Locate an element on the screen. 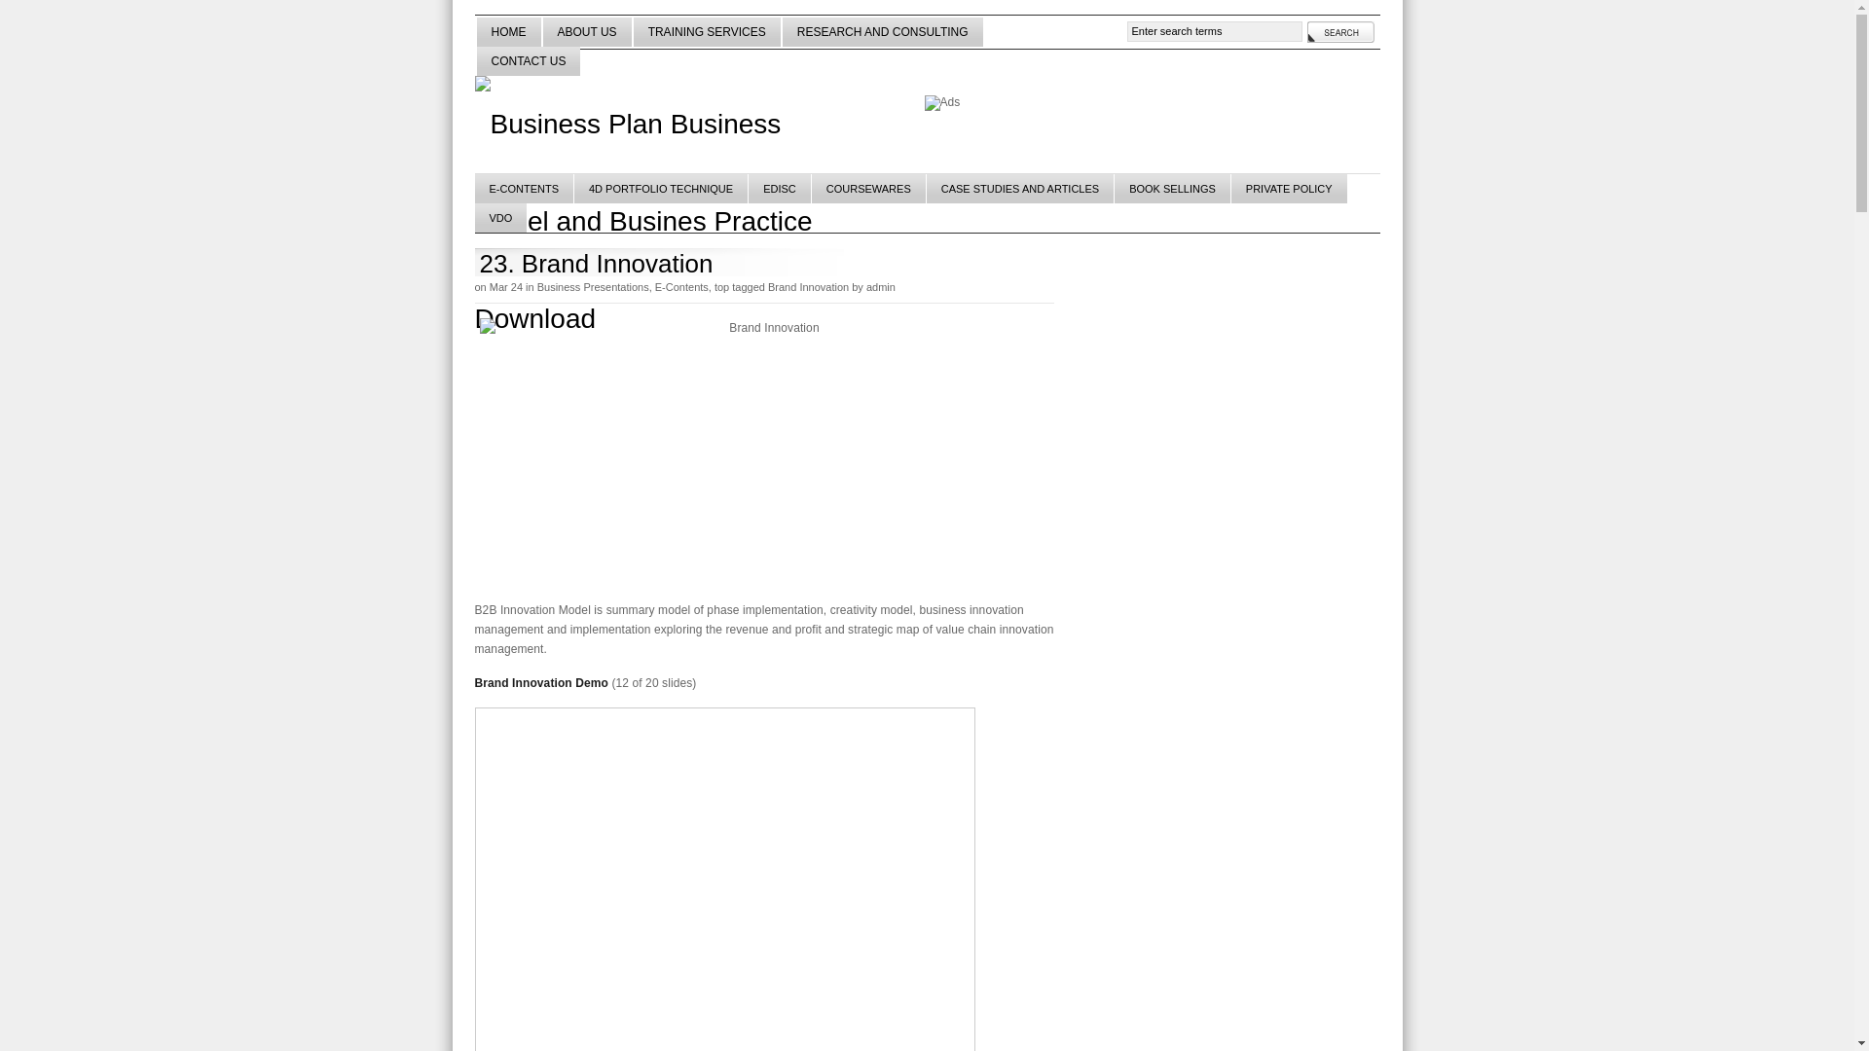  'Business Presentations' is located at coordinates (592, 286).